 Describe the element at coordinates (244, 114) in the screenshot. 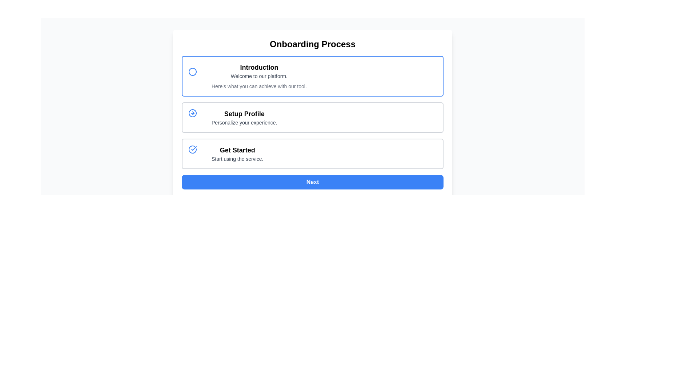

I see `bold title text label that says 'Setup Profile', prominently displayed in black at the center of the interface` at that location.